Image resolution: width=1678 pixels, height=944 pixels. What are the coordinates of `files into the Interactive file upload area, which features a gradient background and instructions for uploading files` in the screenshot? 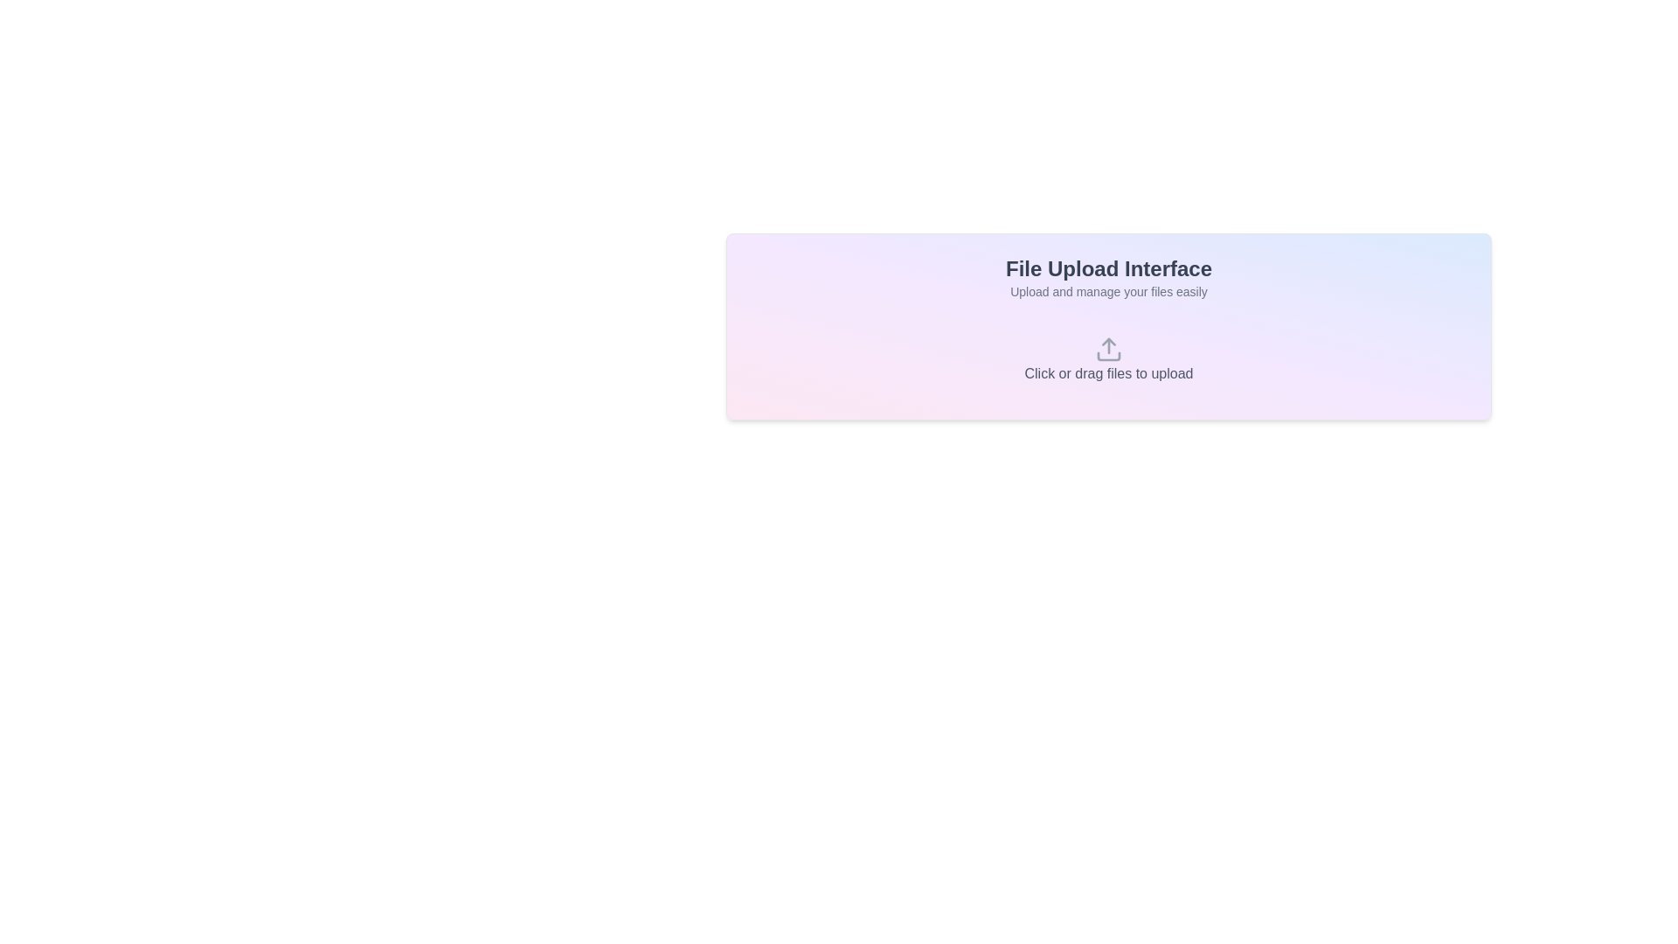 It's located at (1107, 327).